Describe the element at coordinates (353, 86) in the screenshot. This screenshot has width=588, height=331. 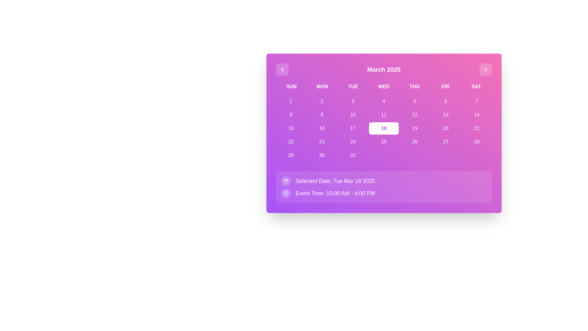
I see `the text label displaying 'TUE', which is styled in bold uppercase font and has a purple gradient background, located in the calendar interface` at that location.